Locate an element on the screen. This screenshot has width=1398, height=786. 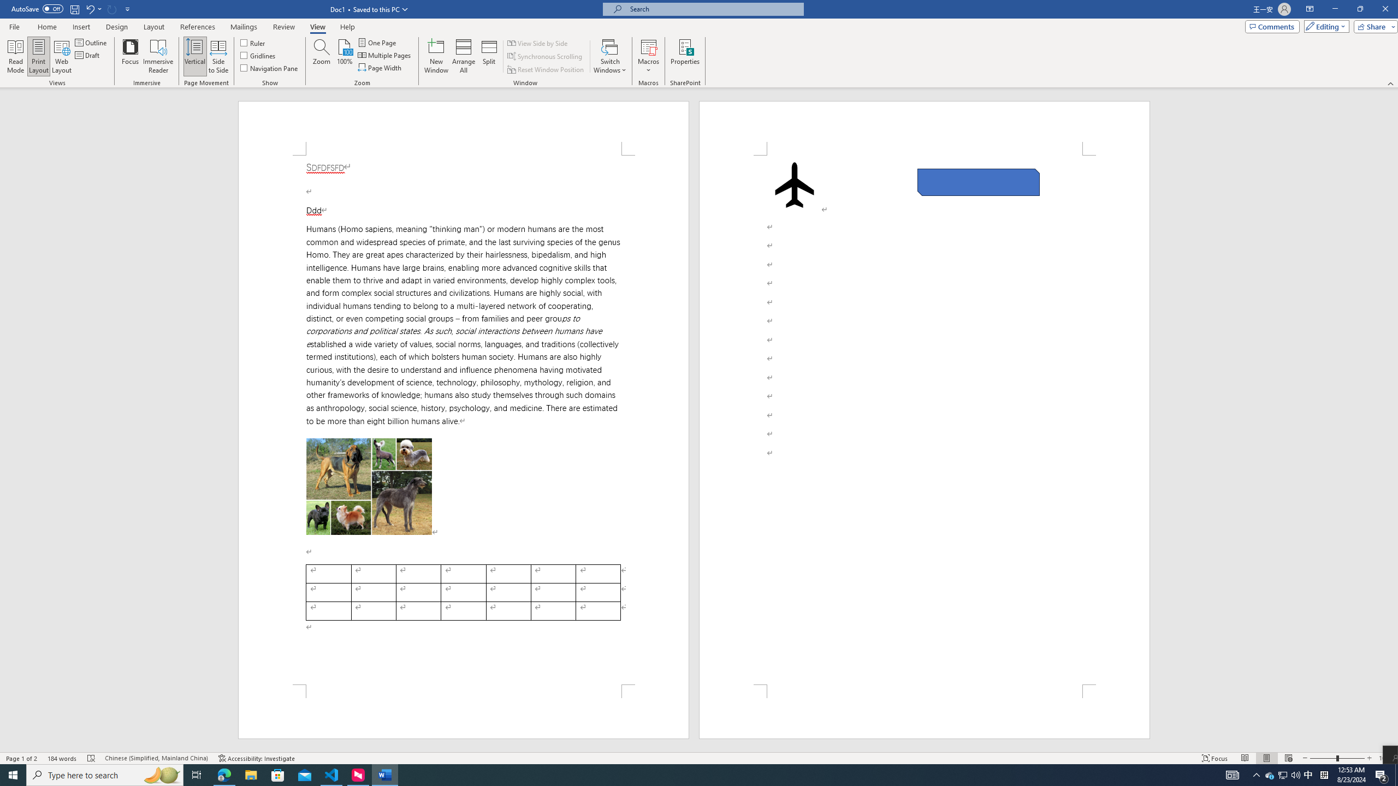
'Zoom 104%' is located at coordinates (1385, 758).